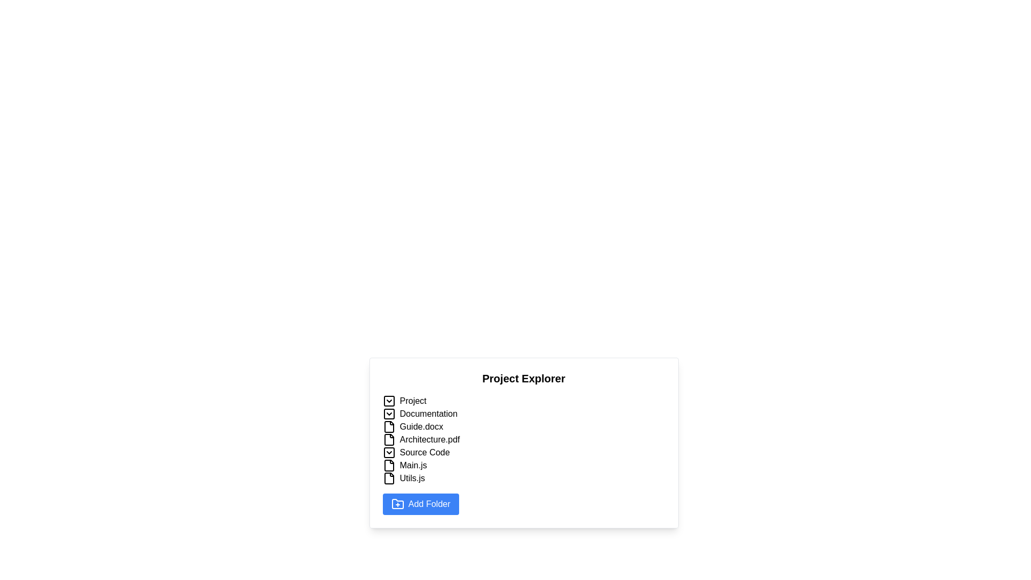 The image size is (1031, 580). I want to click on the chevron icon button on the left side of the 'Documentation' label, so click(388, 414).